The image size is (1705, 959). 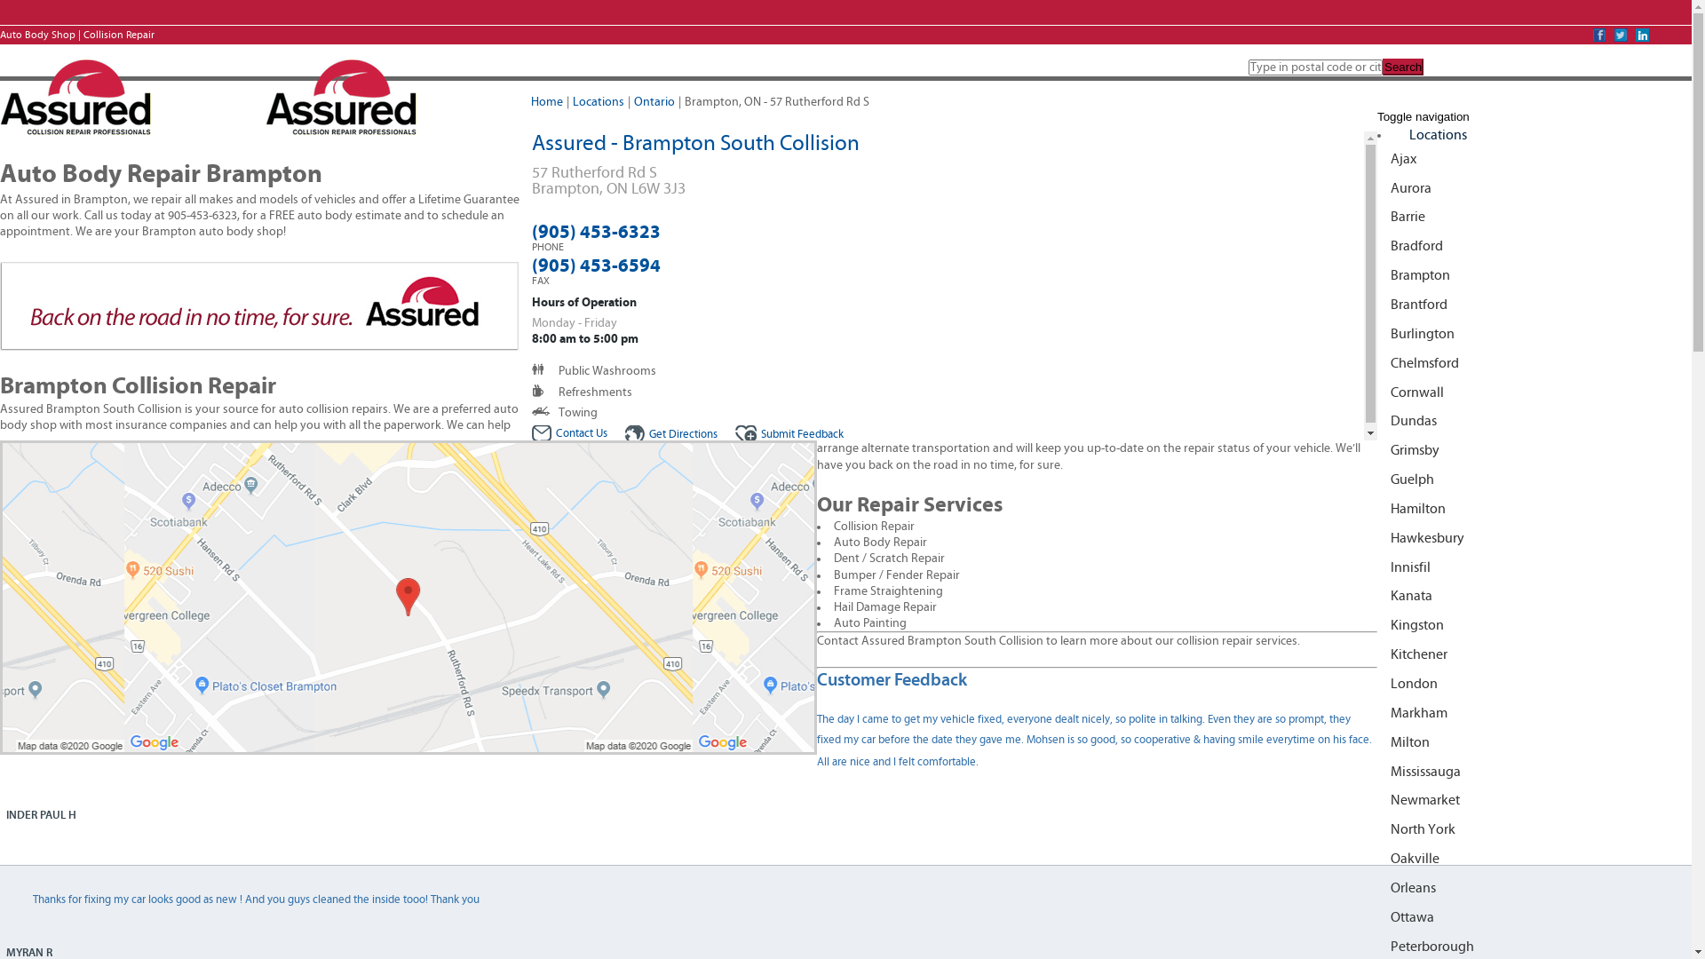 I want to click on 'Barrie', so click(x=1376, y=216).